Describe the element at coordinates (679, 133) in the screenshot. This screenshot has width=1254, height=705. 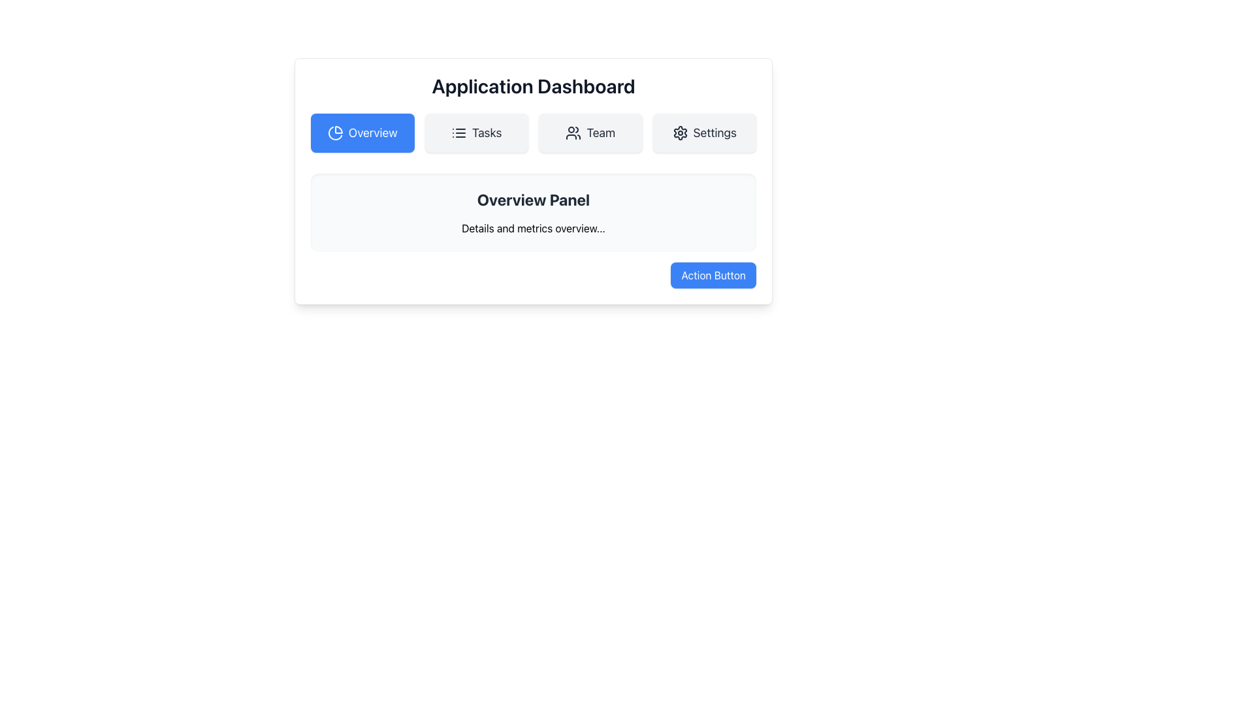
I see `the decorative notched boundary of the settings icon located at the top-right area of the application dashboard` at that location.